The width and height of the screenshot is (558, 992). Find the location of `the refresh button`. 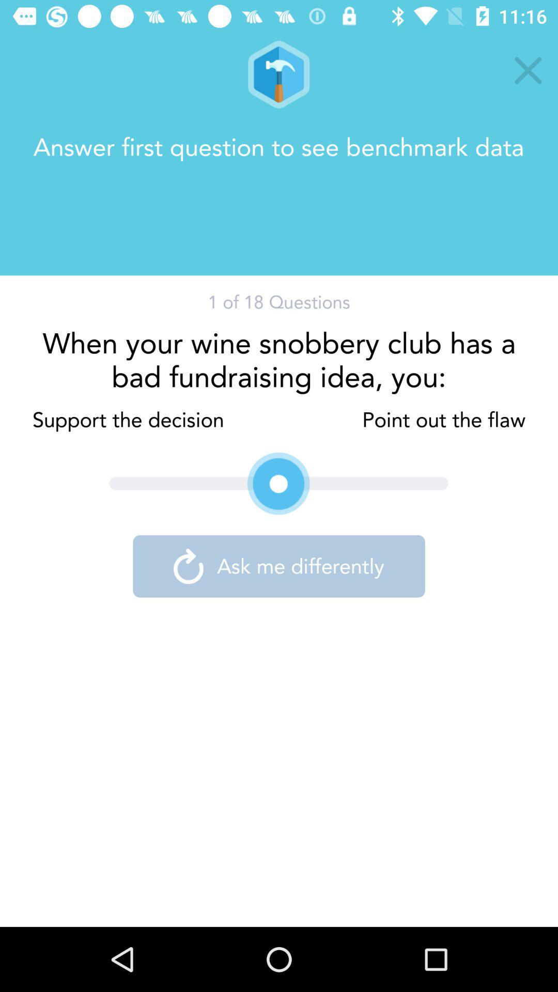

the refresh button is located at coordinates (189, 565).